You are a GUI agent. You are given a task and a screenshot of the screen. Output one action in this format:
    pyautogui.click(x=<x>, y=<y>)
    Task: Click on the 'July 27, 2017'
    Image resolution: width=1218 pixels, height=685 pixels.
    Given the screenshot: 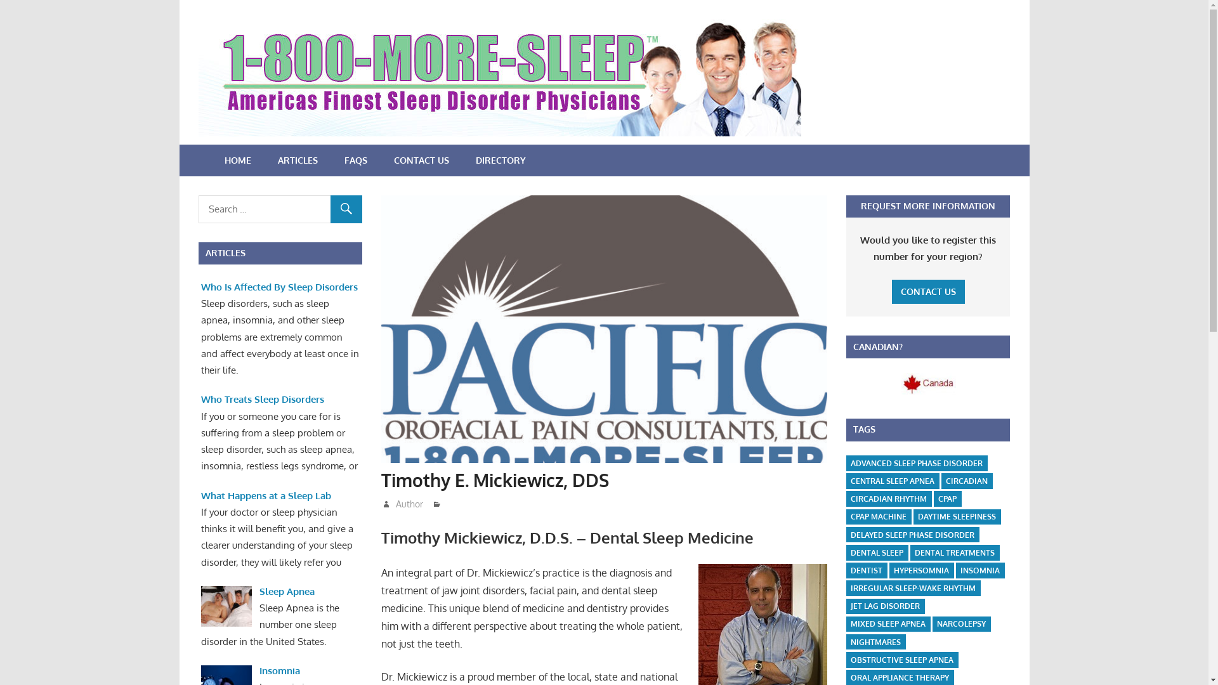 What is the action you would take?
    pyautogui.click(x=417, y=503)
    